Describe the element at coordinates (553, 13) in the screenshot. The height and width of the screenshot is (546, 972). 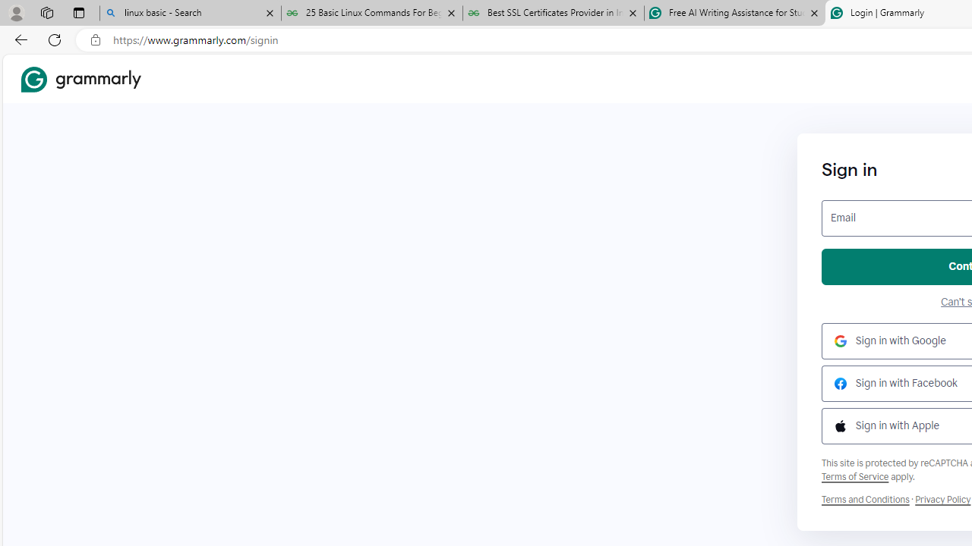
I see `'Best SSL Certificates Provider in India - GeeksforGeeks'` at that location.